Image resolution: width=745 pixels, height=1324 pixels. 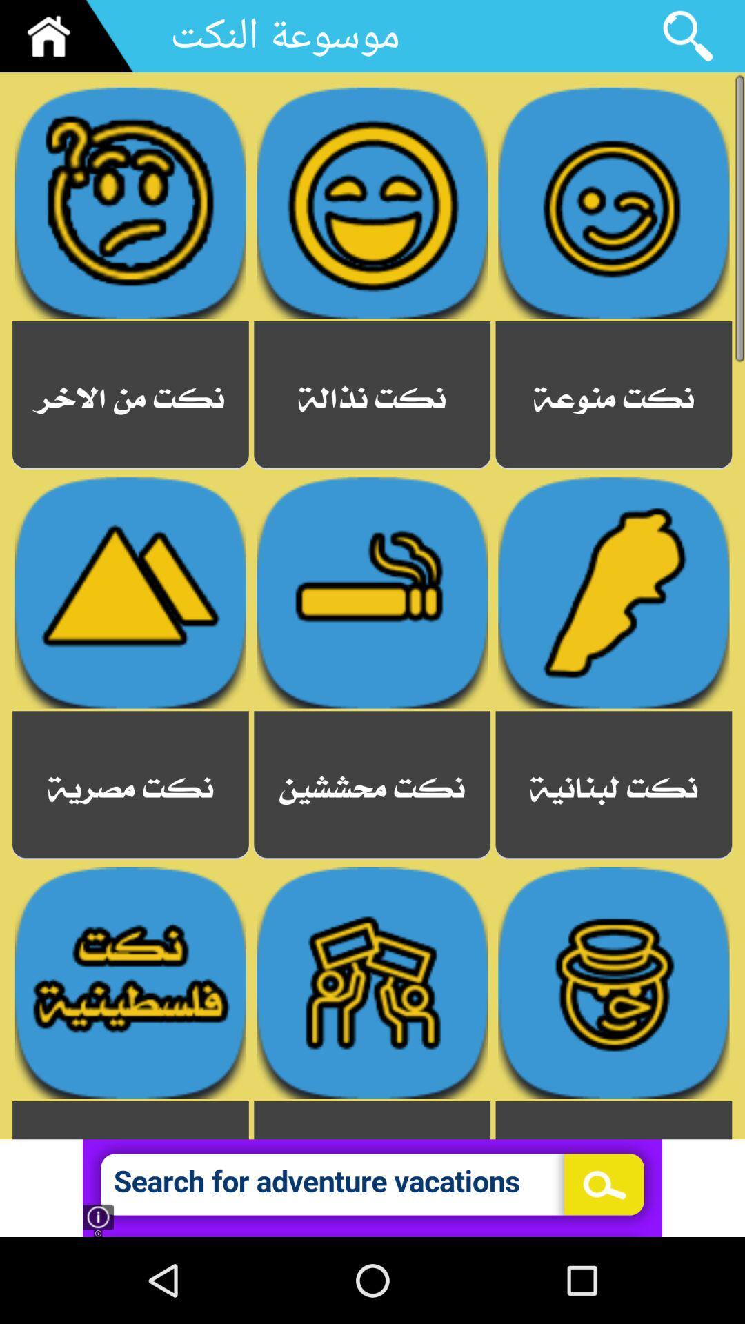 What do you see at coordinates (686, 39) in the screenshot?
I see `the search icon` at bounding box center [686, 39].